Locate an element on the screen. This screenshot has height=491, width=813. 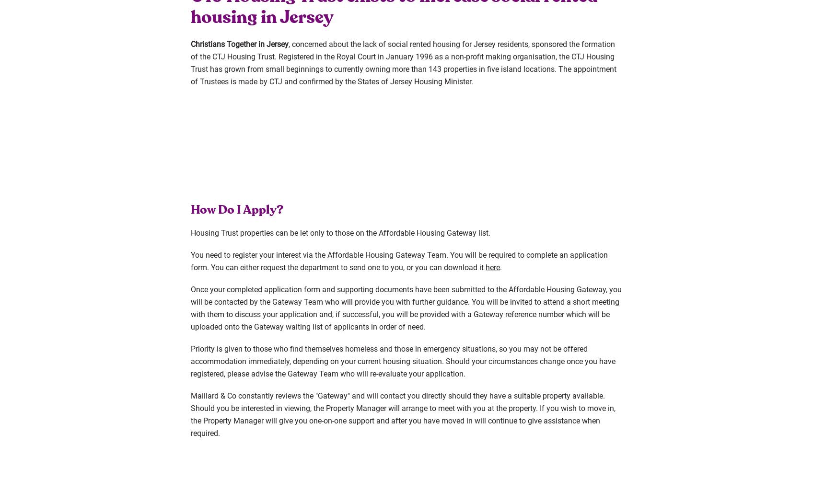
', concerned about the lack of social rented housing for Jersey residents, sponsored the formation of the CTJ Housing Trust. Registered in the Royal Court in January 1996 as a non-profit making organisation, the CTJ Housing Trust has grown from small beginnings to currently owning more than 143 properties in five island locations. The appointment of Trustees is made by CTJ and confirmed by the States of Jersey Housing Minister.' is located at coordinates (403, 62).